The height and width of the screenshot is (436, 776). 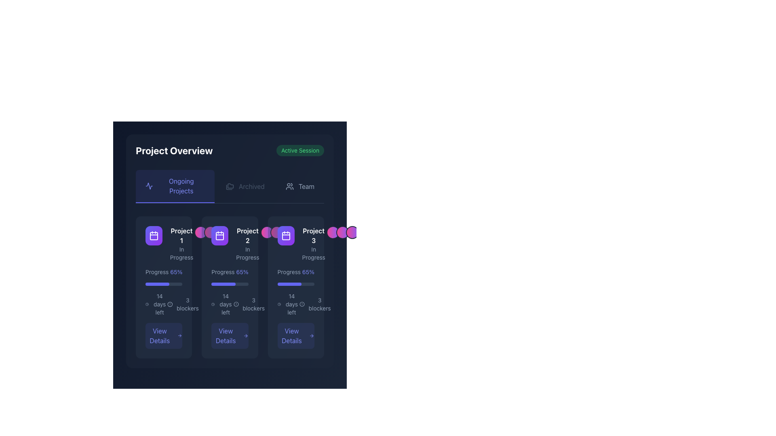 What do you see at coordinates (352, 232) in the screenshot?
I see `the third circular graphical indicator located to the right of the horizontal group below the 'Project 3' header` at bounding box center [352, 232].